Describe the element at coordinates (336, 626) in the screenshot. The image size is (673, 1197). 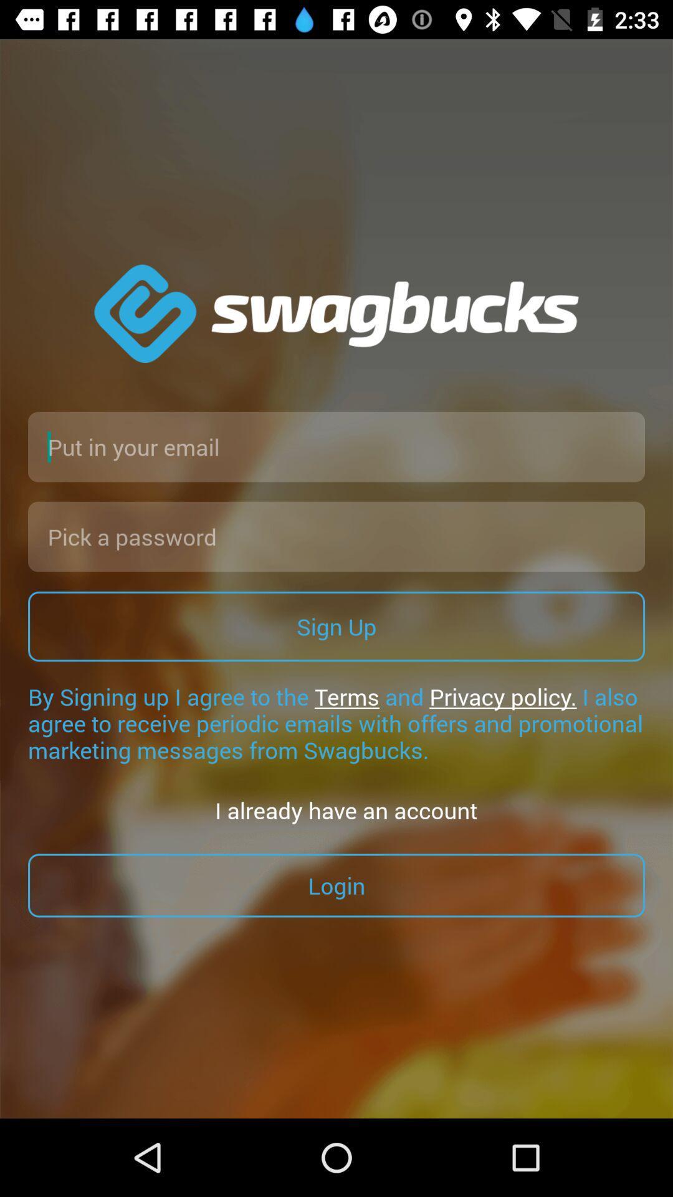
I see `the icon above by signing up item` at that location.